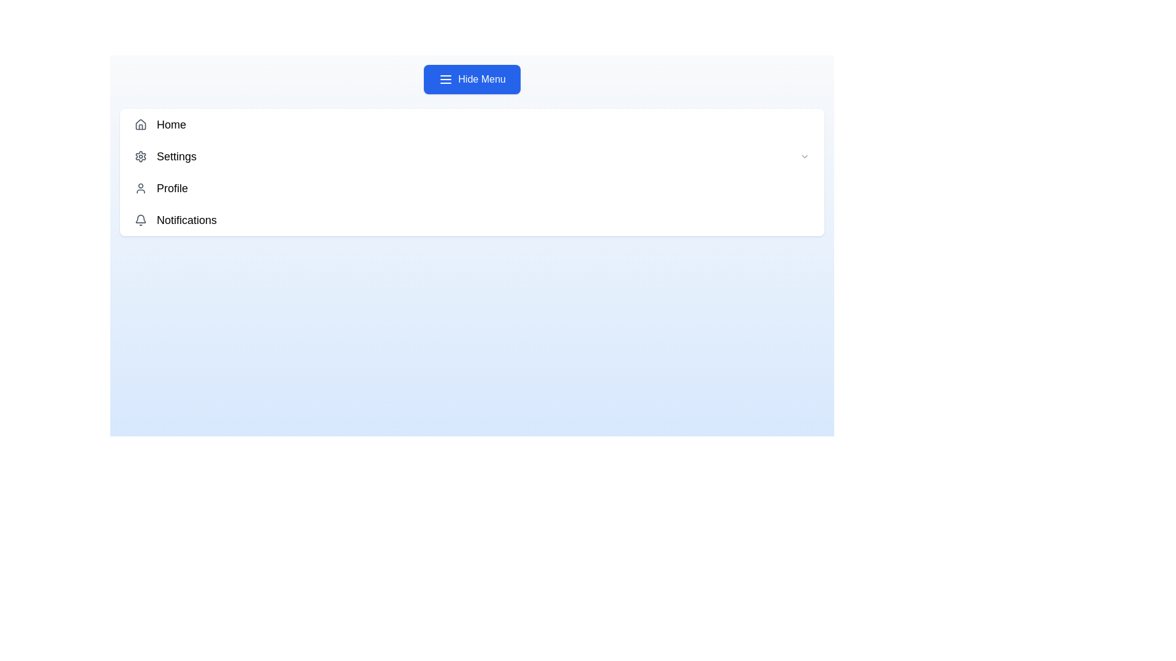 The height and width of the screenshot is (661, 1176). What do you see at coordinates (141, 219) in the screenshot?
I see `the bell icon representing the notifications section of the application` at bounding box center [141, 219].